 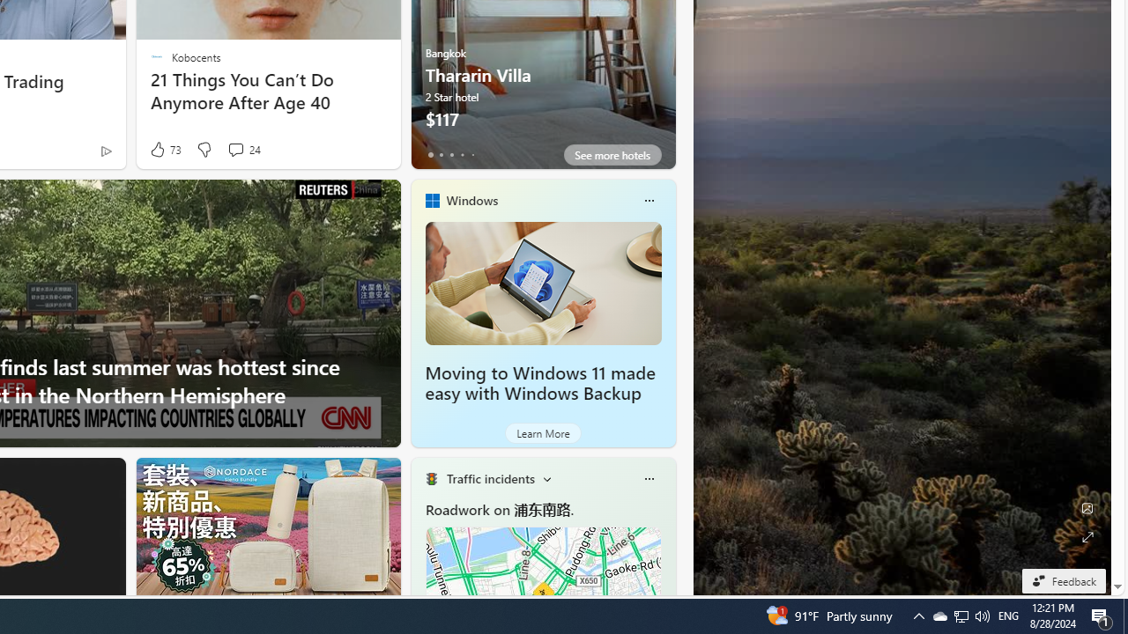 I want to click on 'tab-2', so click(x=451, y=154).